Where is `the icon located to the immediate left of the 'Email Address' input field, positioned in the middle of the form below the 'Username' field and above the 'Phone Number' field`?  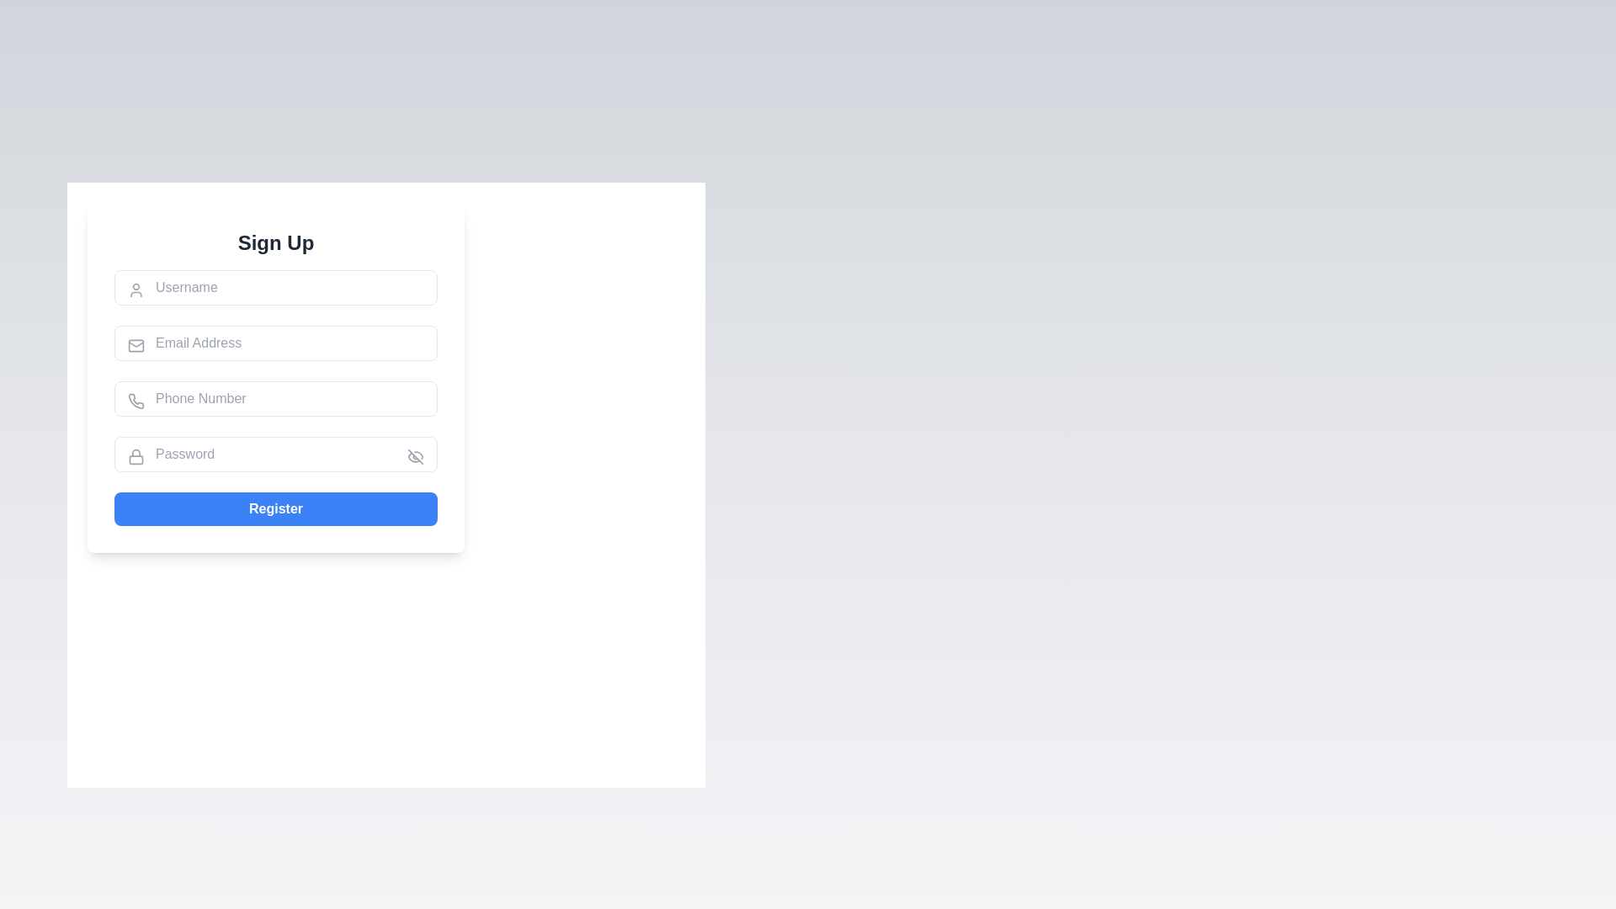 the icon located to the immediate left of the 'Email Address' input field, positioned in the middle of the form below the 'Username' field and above the 'Phone Number' field is located at coordinates (136, 345).